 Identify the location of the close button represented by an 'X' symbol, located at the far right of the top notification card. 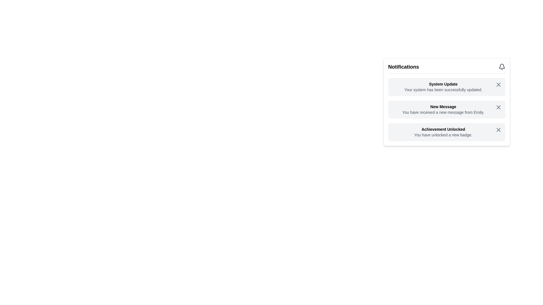
(498, 85).